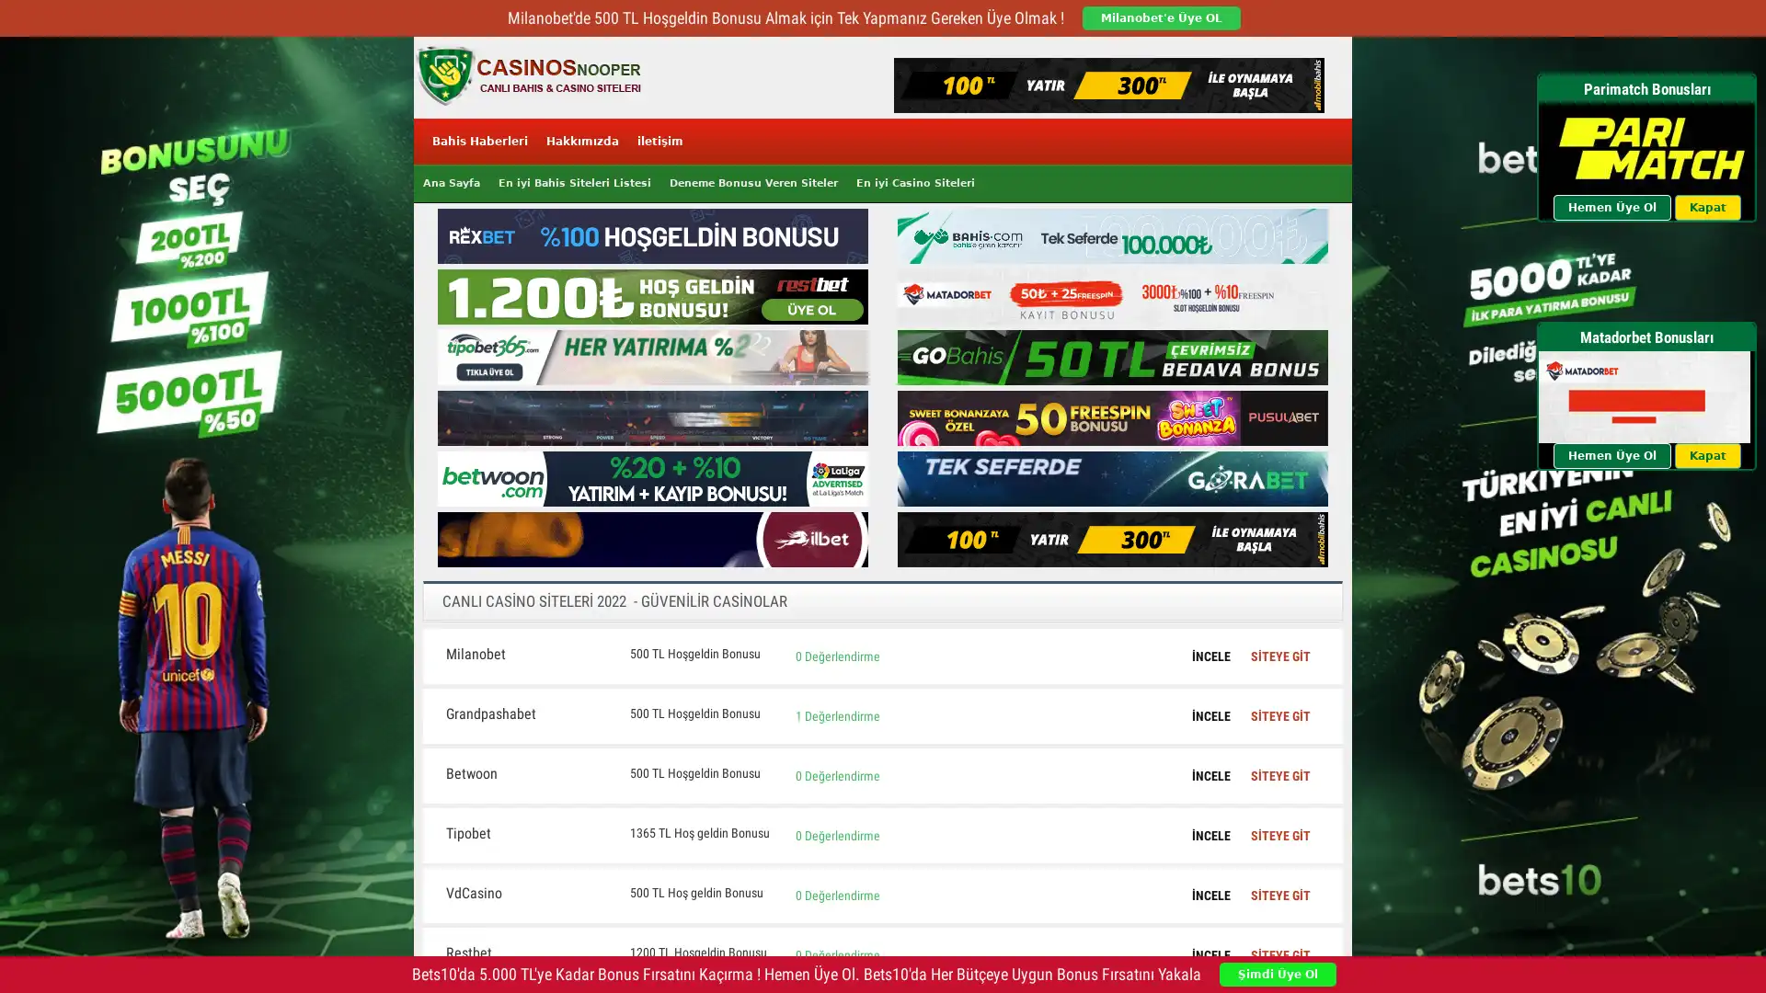  I want to click on Hemen Uye Ol, so click(1611, 207).